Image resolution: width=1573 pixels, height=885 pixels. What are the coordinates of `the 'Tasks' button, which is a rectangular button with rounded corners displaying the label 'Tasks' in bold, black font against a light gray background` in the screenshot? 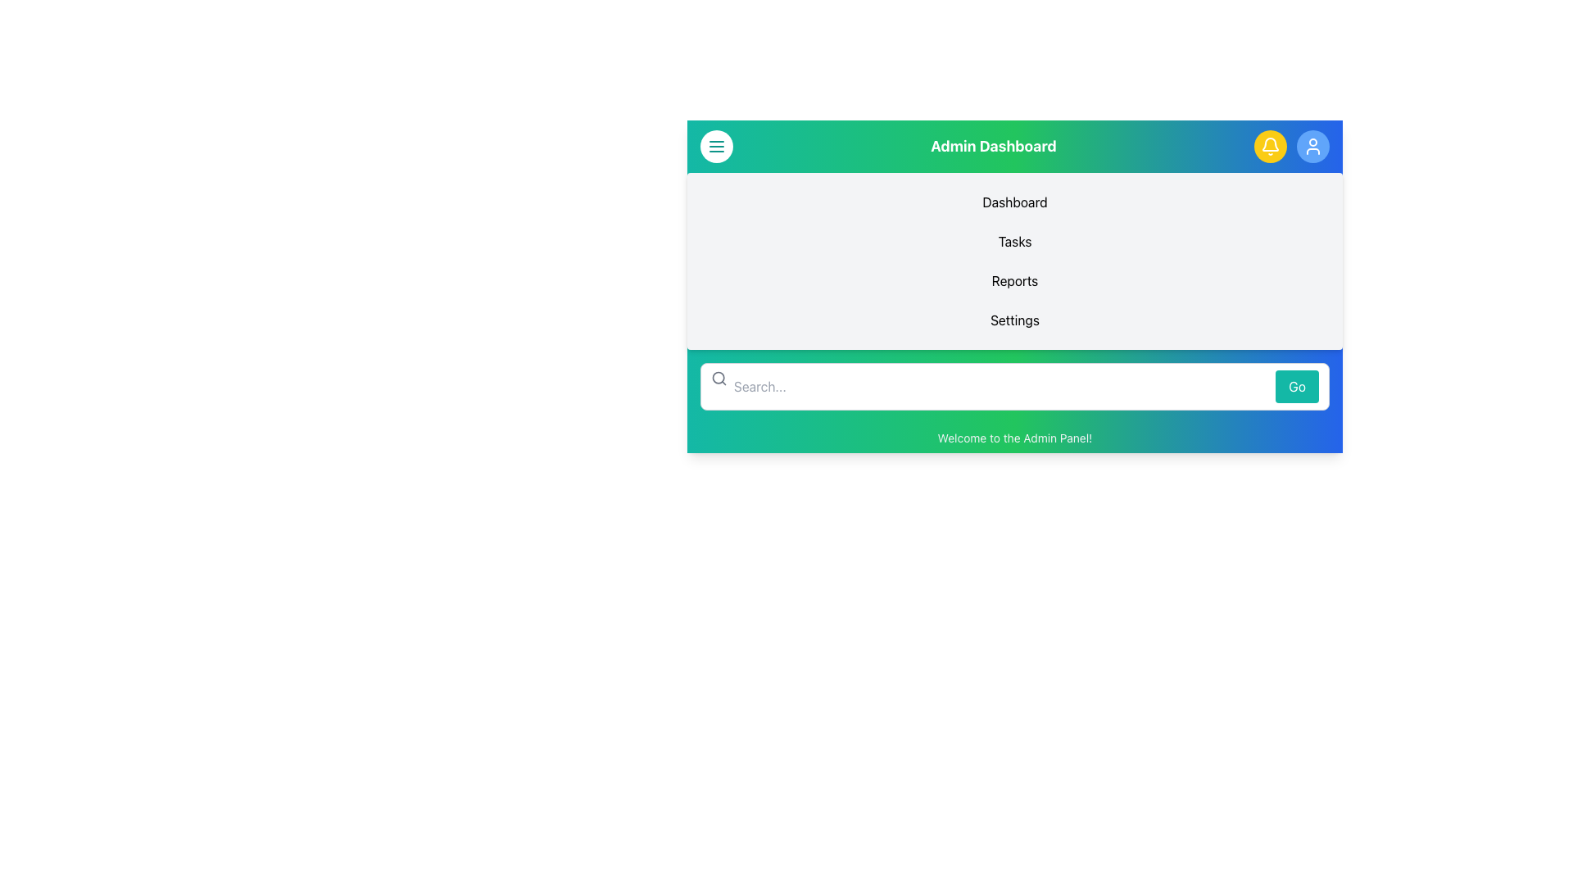 It's located at (1013, 241).